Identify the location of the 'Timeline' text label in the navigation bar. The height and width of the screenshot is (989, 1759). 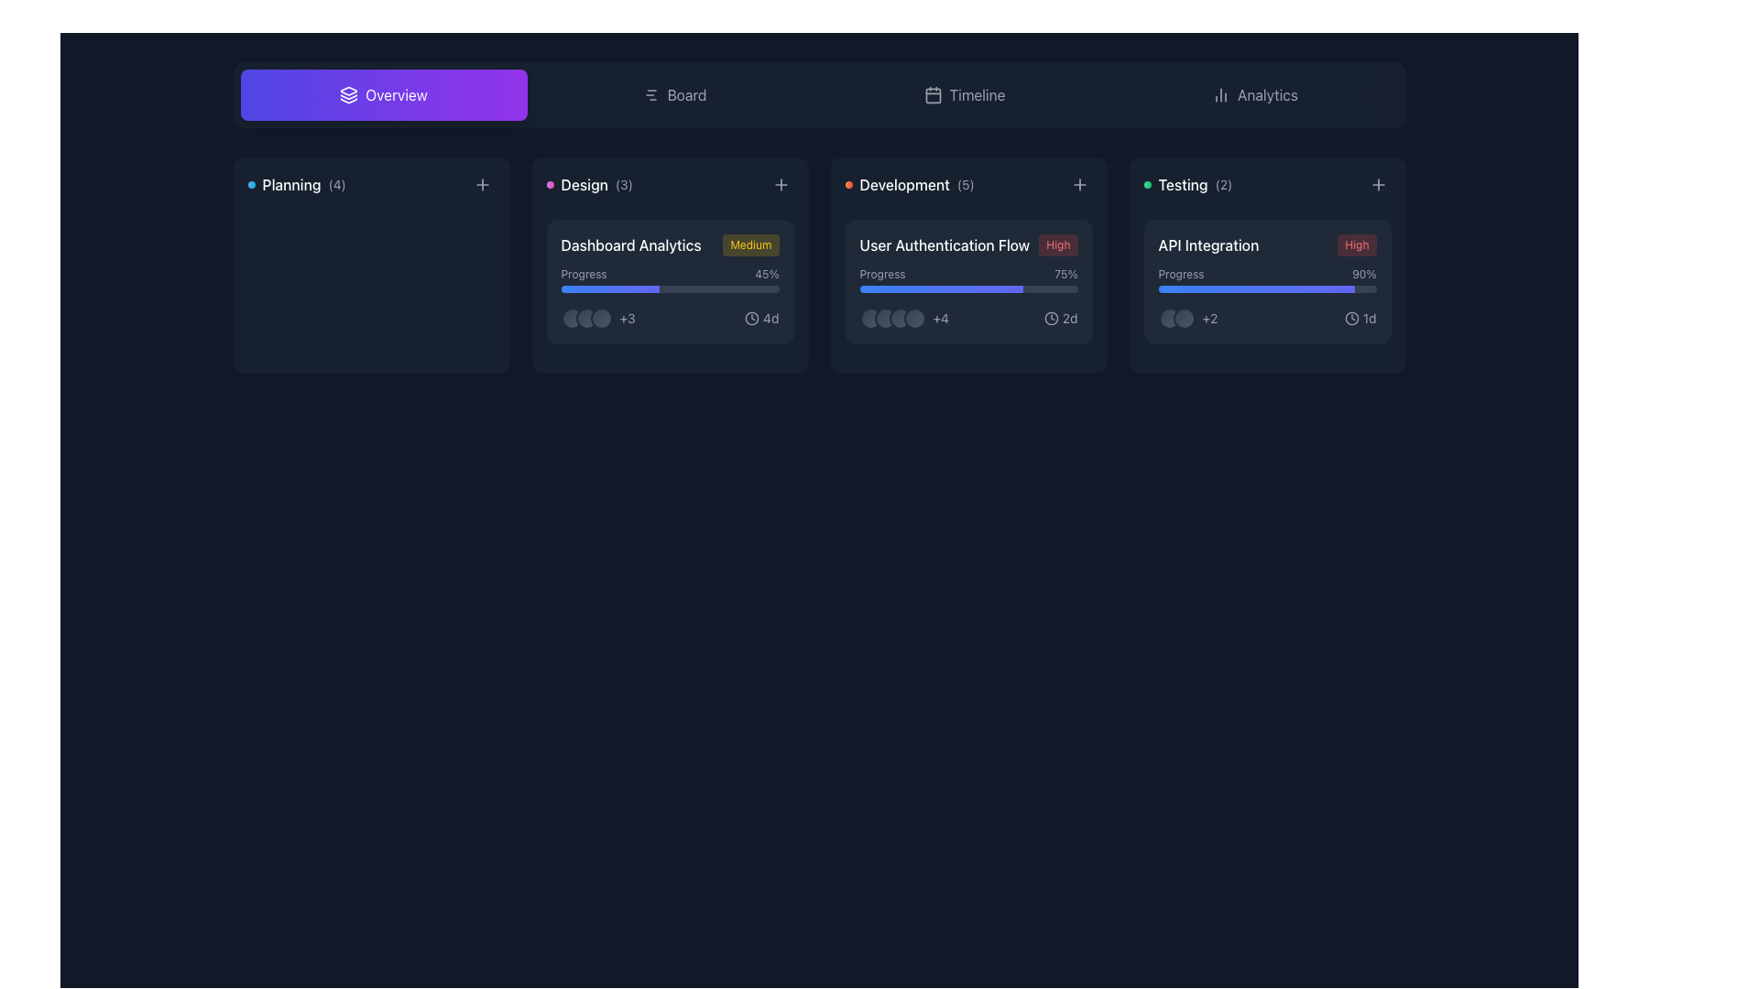
(976, 95).